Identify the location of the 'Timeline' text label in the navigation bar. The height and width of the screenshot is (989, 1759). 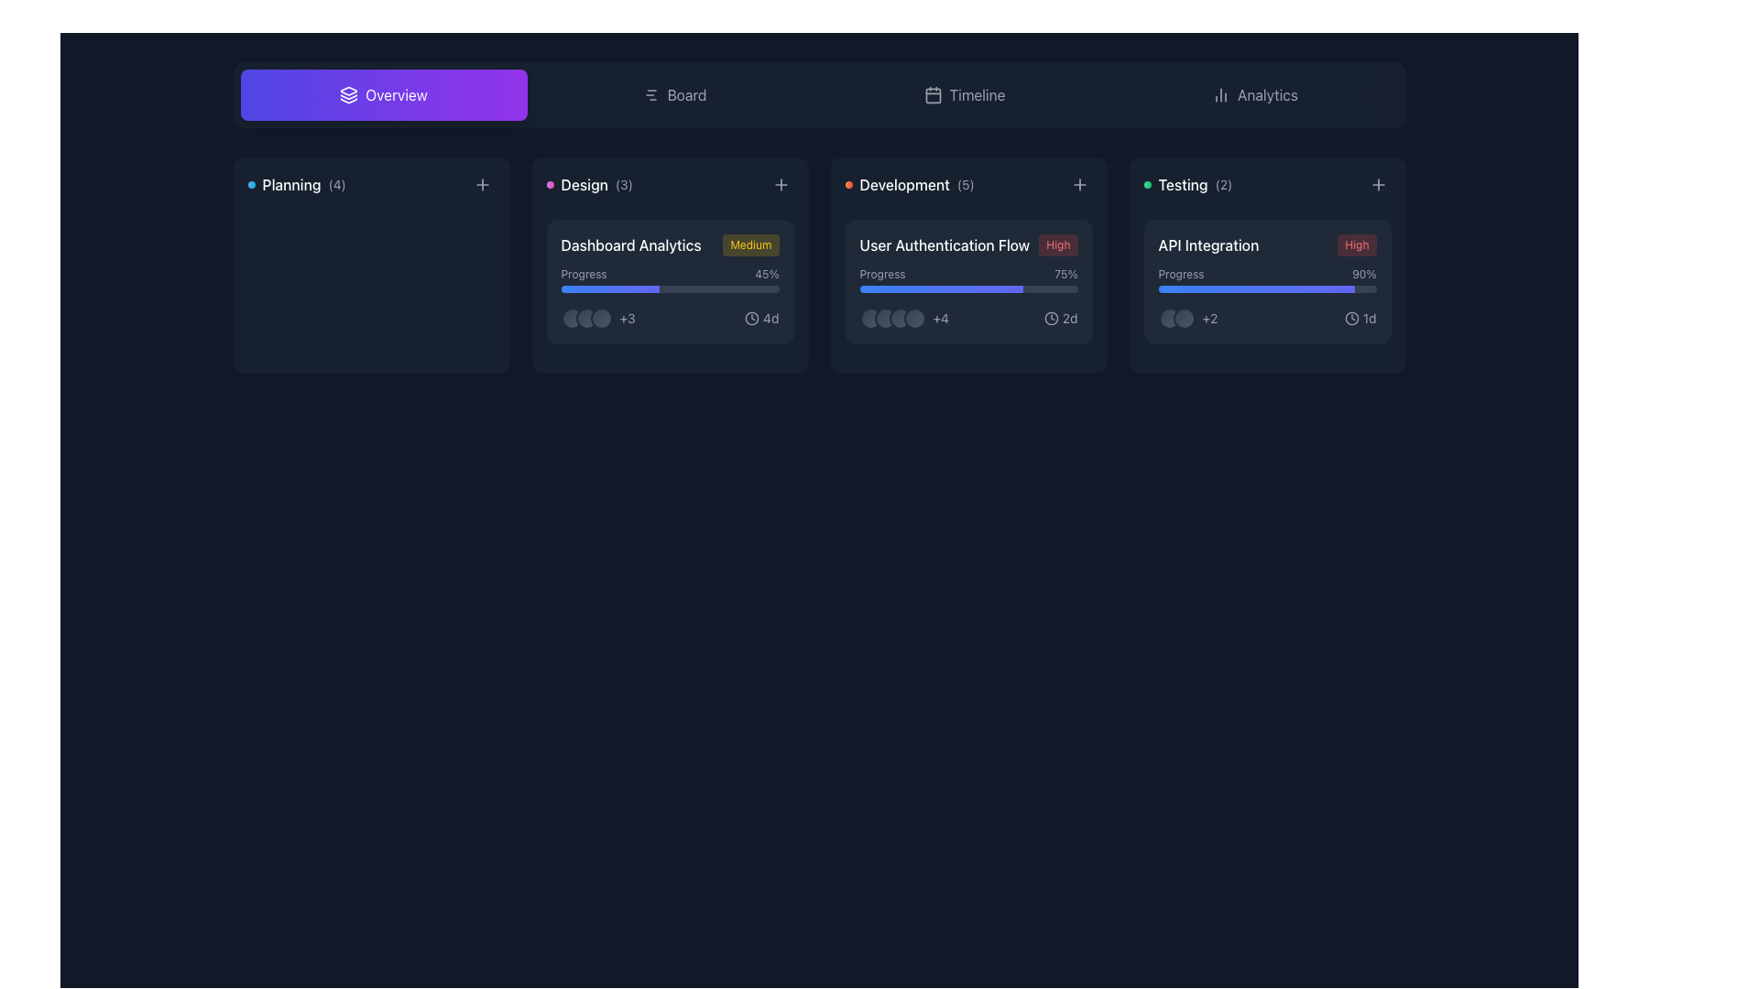
(976, 95).